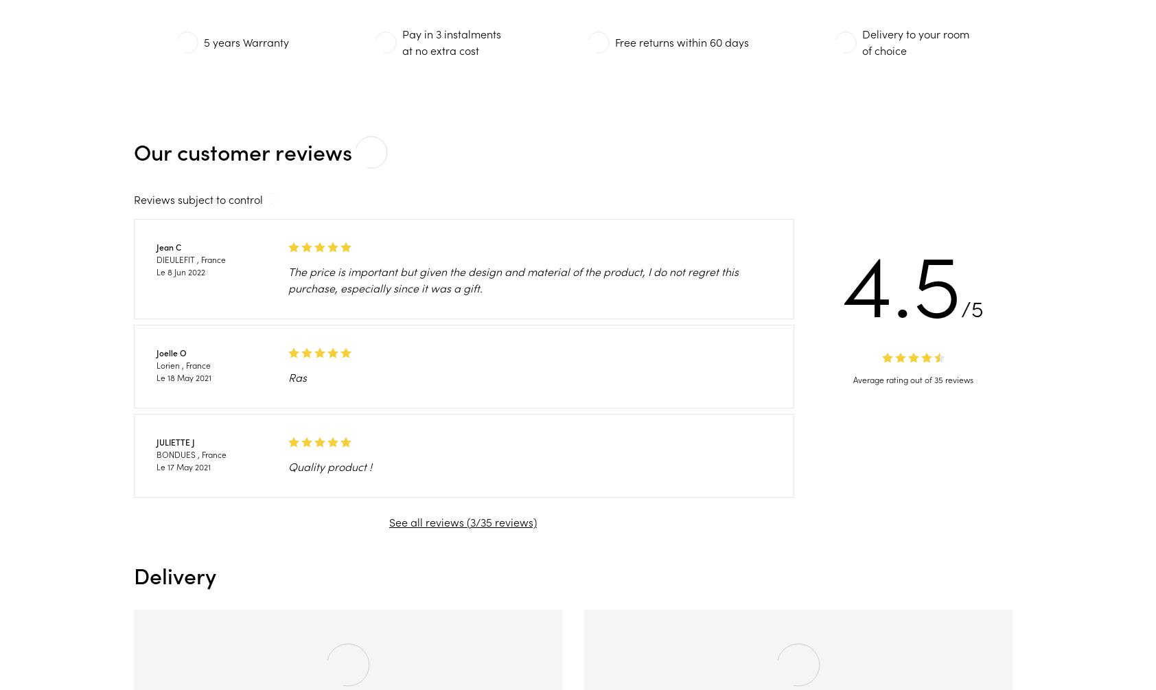 Image resolution: width=1156 pixels, height=690 pixels. I want to click on '3', so click(472, 521).